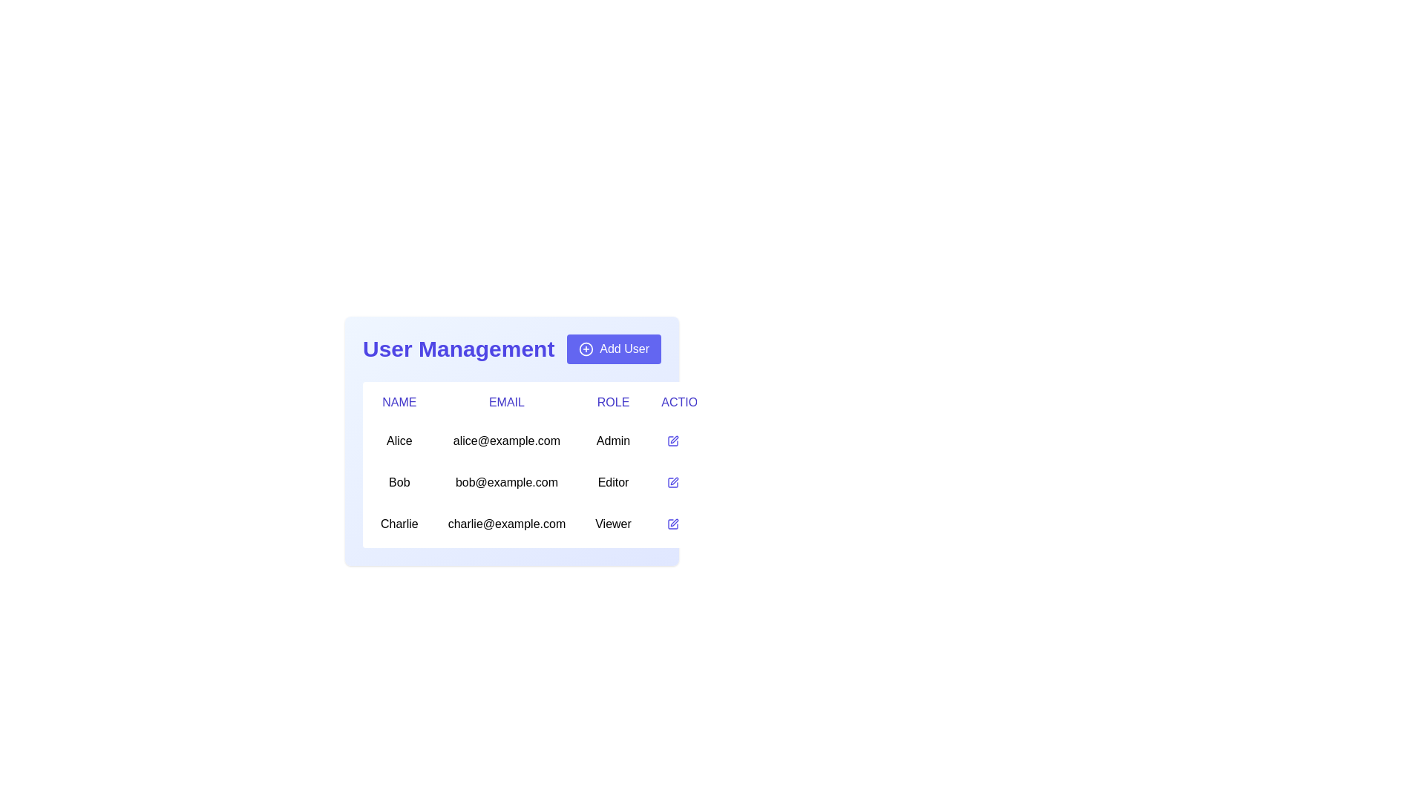 The width and height of the screenshot is (1425, 801). I want to click on the email address displayed in the non-interactive text field showing 'alice@example.com' in the 'EMAIL' column of the user management table, so click(506, 440).